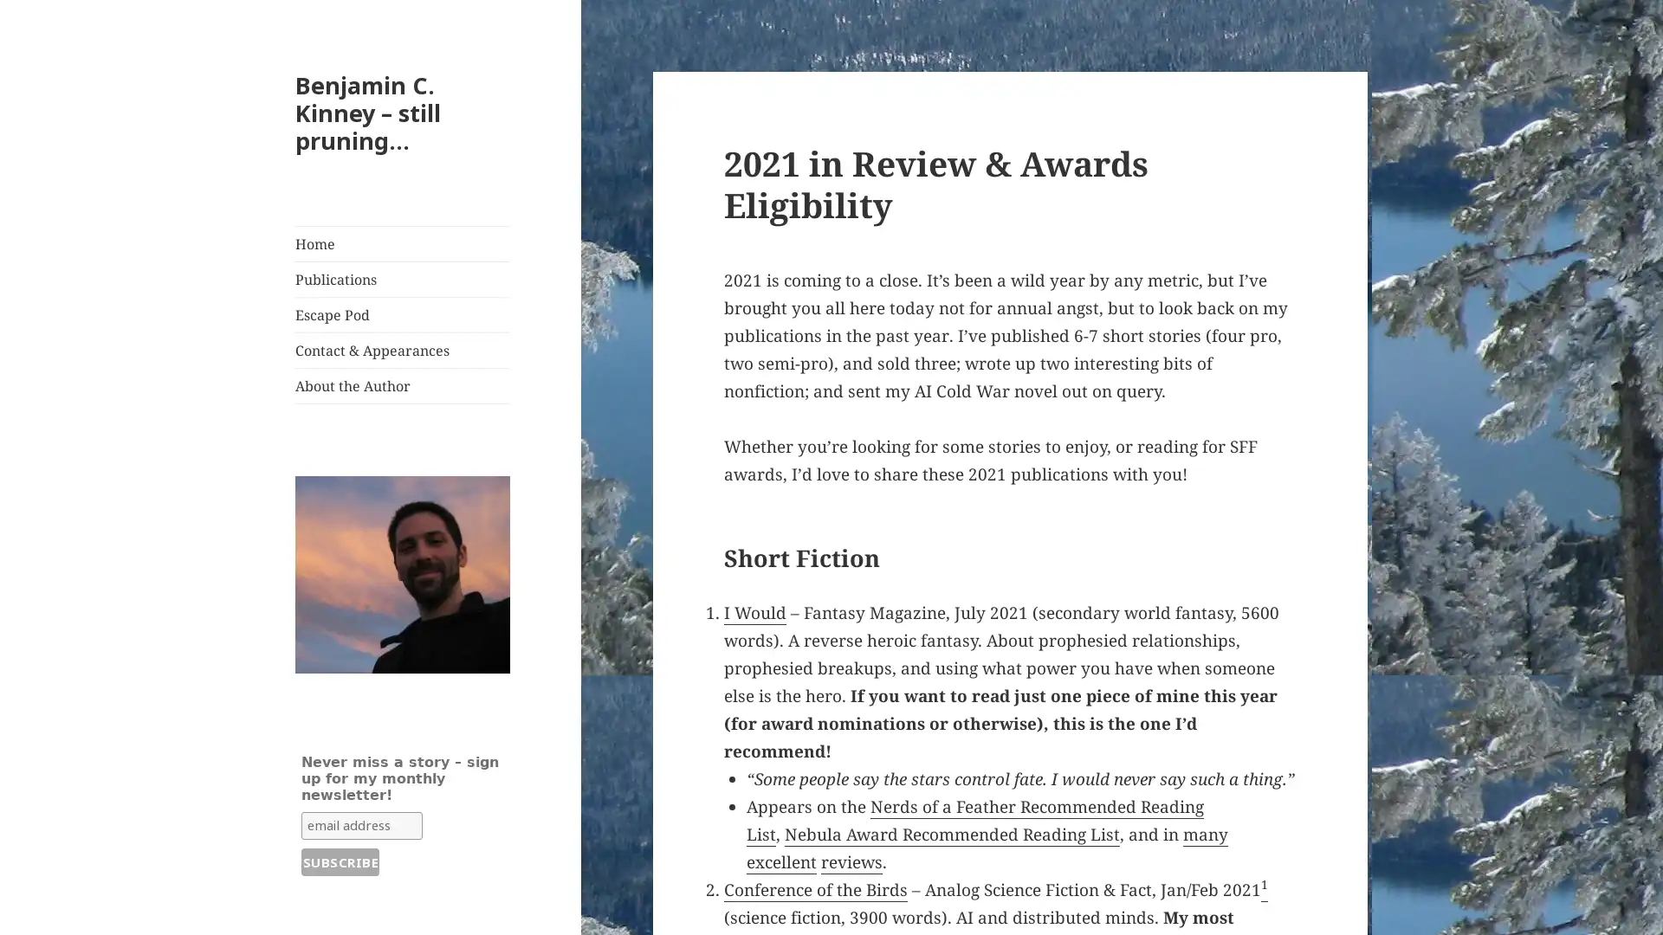  Describe the element at coordinates (340, 861) in the screenshot. I see `Subscribe` at that location.